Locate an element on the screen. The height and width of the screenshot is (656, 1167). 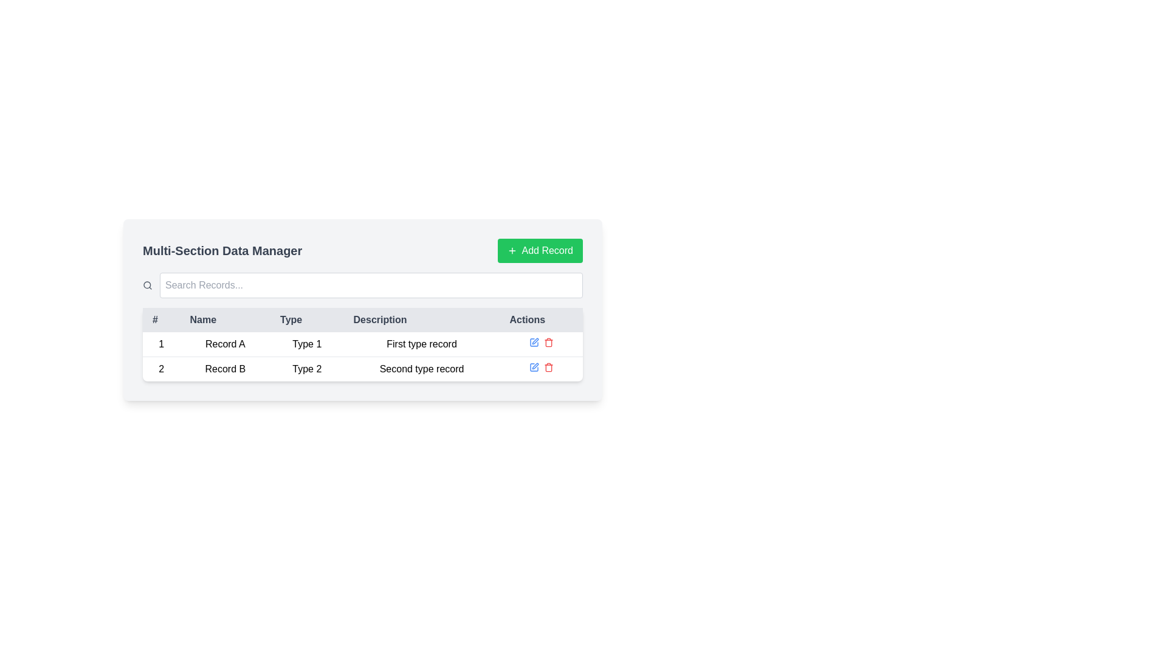
the static text label in the third column of the first row of the 'Multi-Section Data Manager' table, which denotes the type classification of the record is located at coordinates (307, 344).